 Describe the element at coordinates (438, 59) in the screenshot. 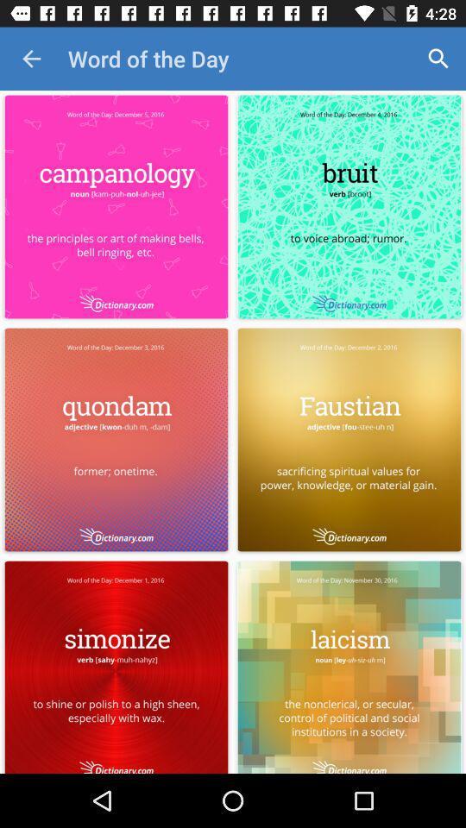

I see `the app next to word of the icon` at that location.